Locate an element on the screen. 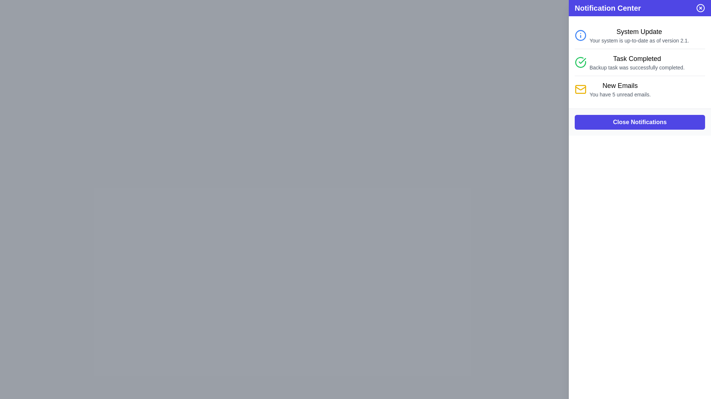  the close button located at the top-right corner of the Notification Center is located at coordinates (700, 8).